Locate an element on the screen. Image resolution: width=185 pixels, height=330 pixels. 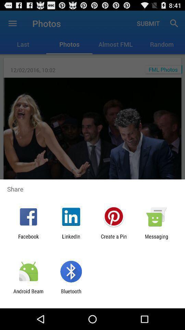
the icon to the left of the create a pin app is located at coordinates (71, 239).